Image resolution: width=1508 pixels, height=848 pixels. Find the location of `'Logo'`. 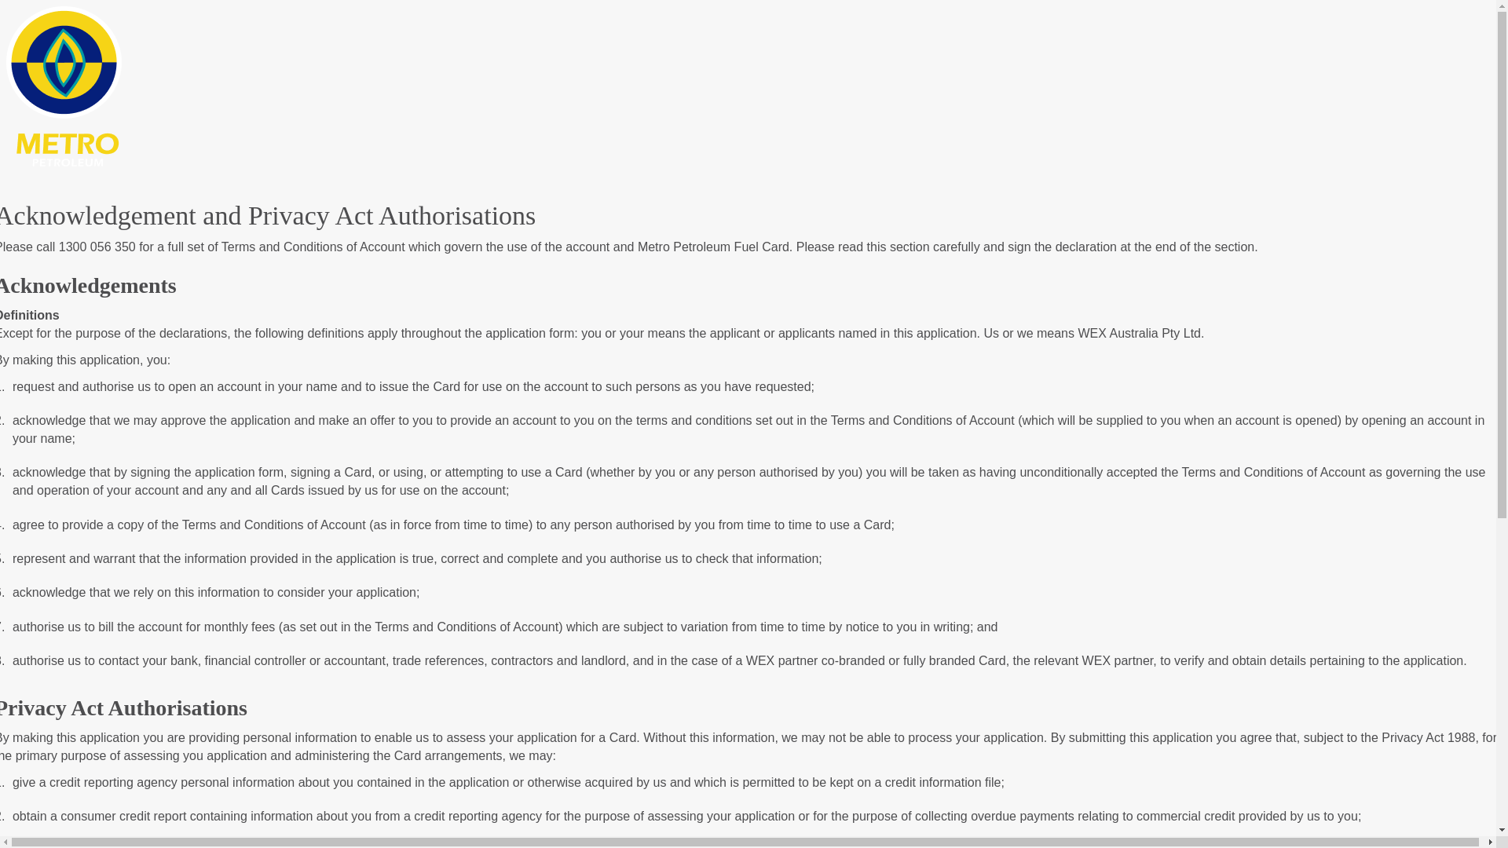

'Logo' is located at coordinates (6, 85).